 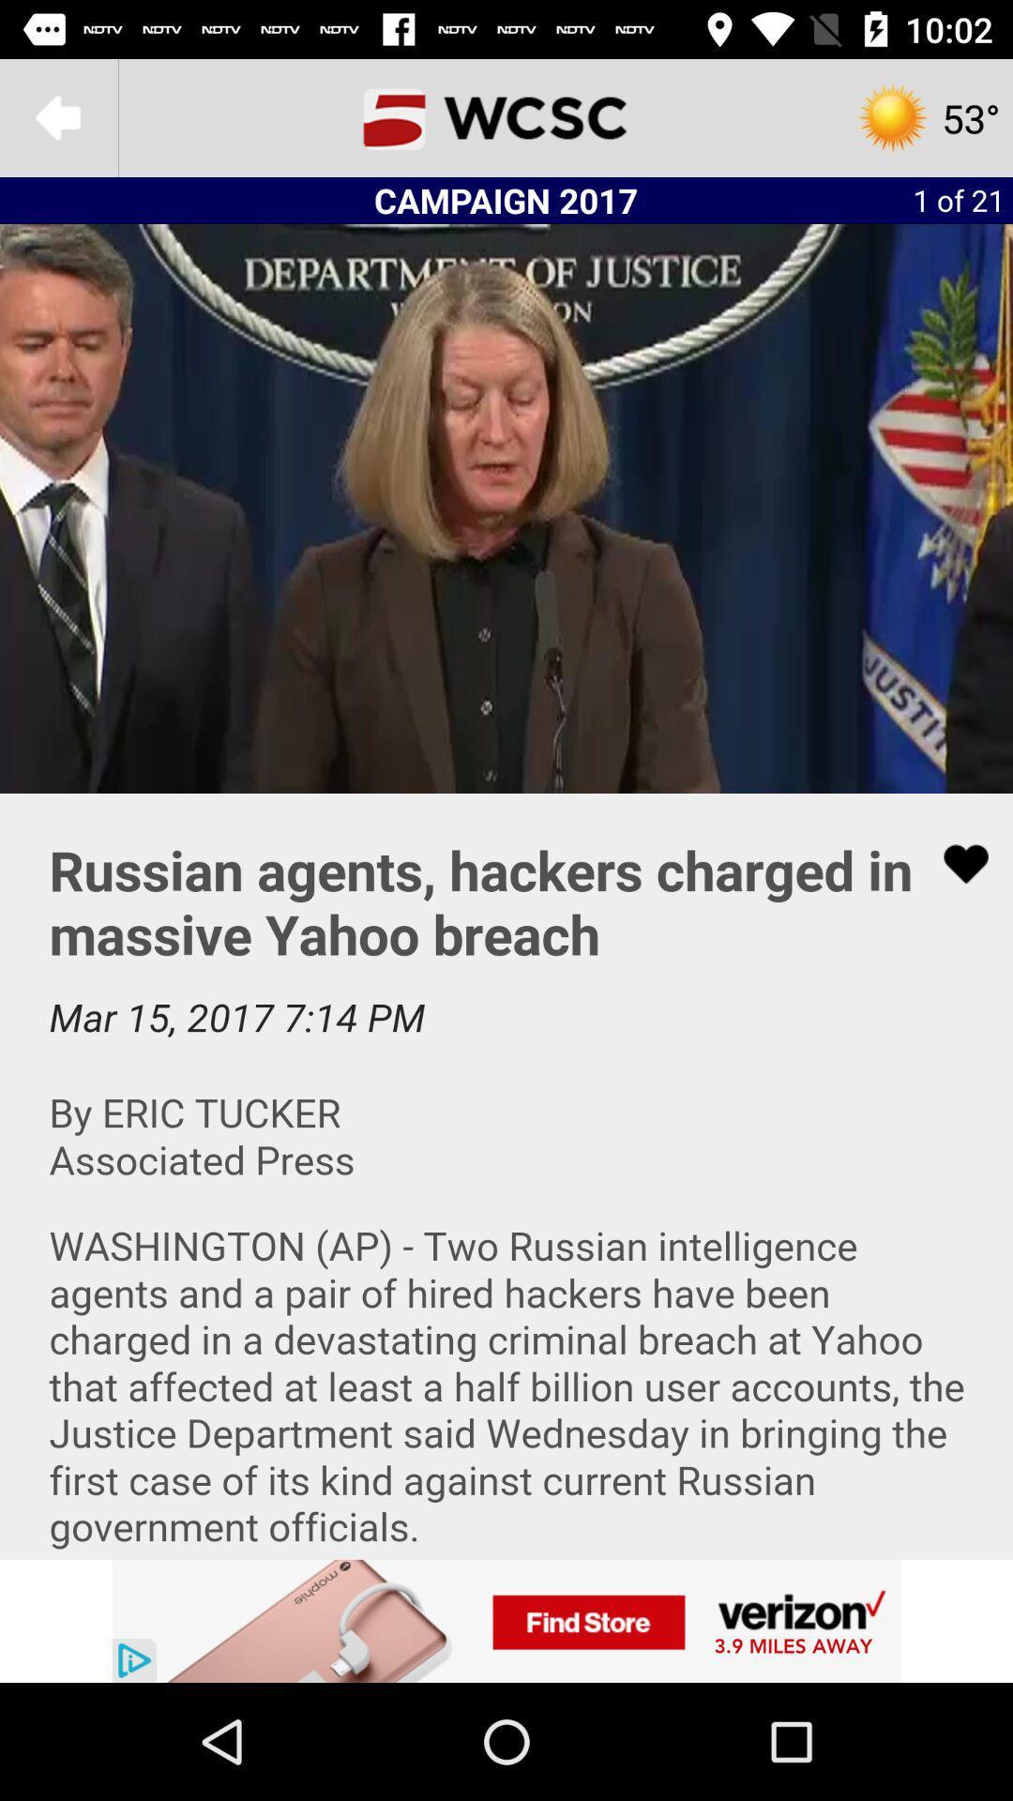 I want to click on to favorites, so click(x=954, y=863).